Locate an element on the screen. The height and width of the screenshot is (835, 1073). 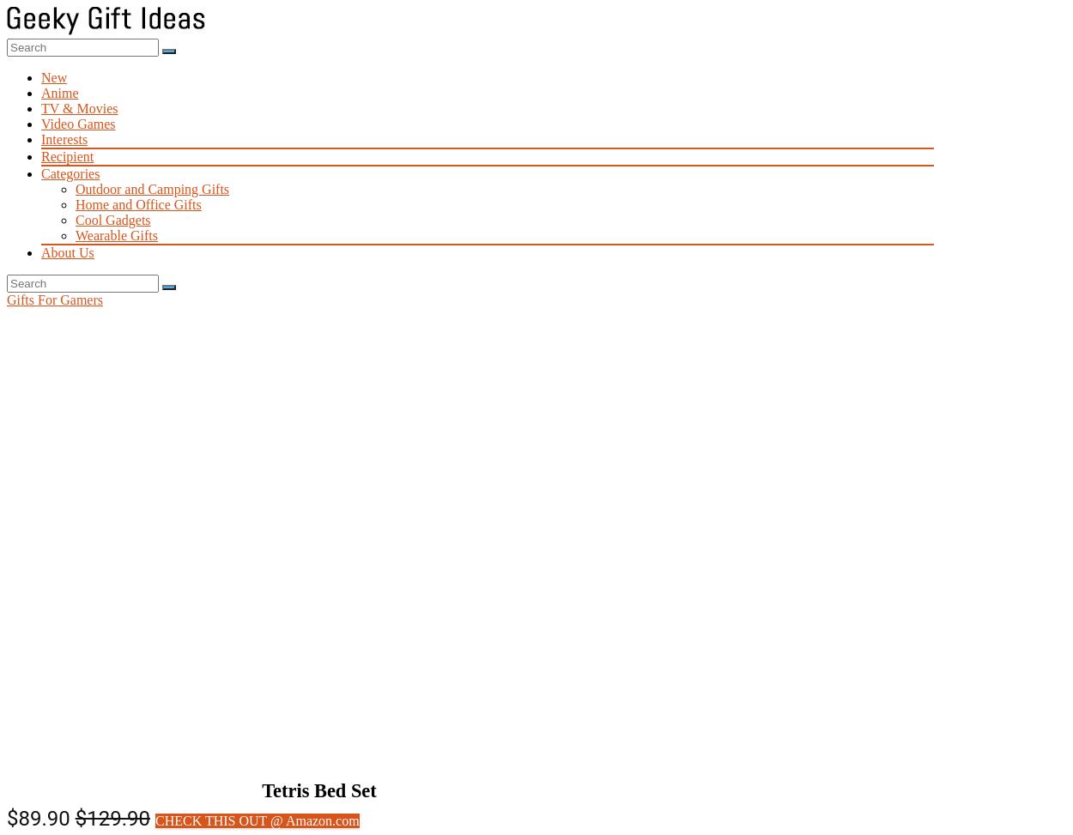
'CHECK THIS OUT' is located at coordinates (155, 820).